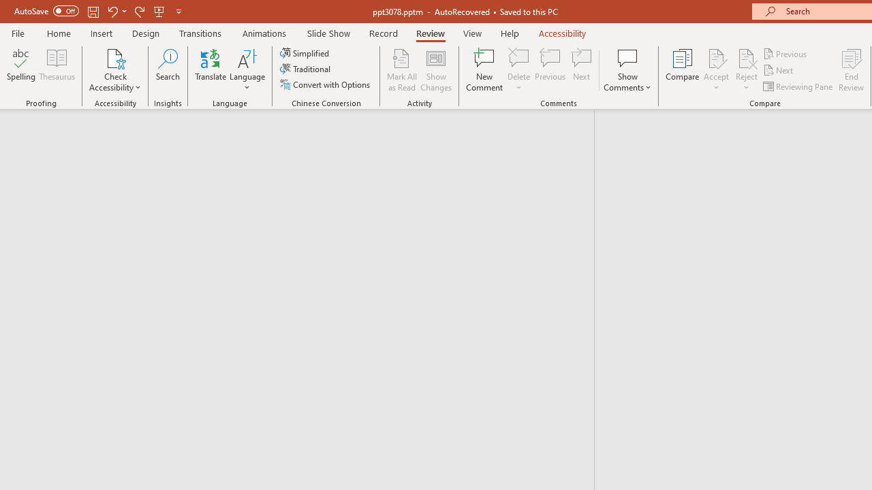 The height and width of the screenshot is (490, 872). I want to click on 'Reject Change', so click(746, 57).